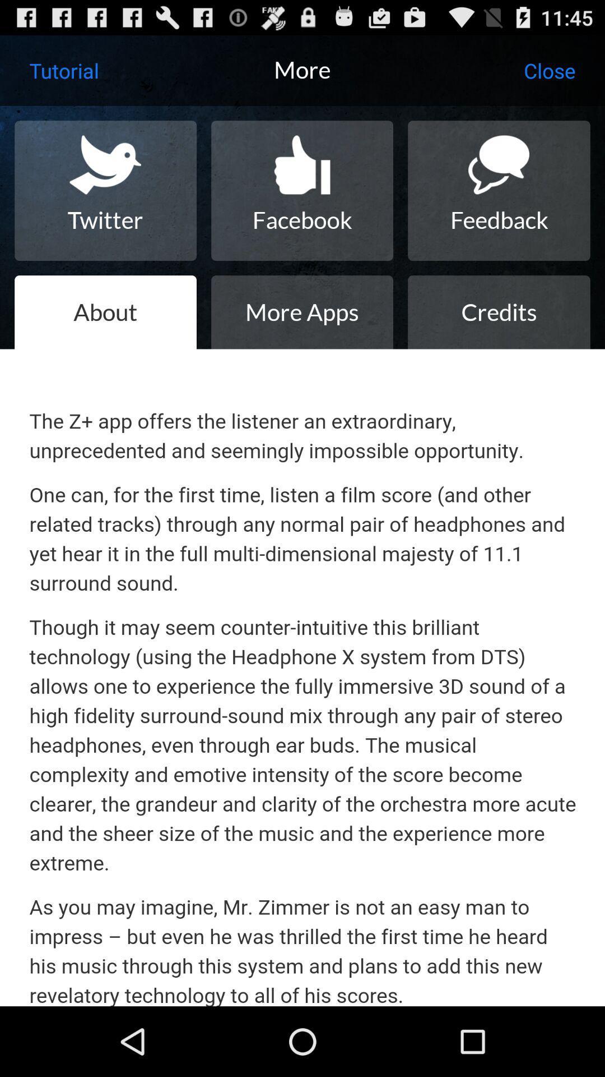  I want to click on icon next to facebook icon, so click(499, 191).